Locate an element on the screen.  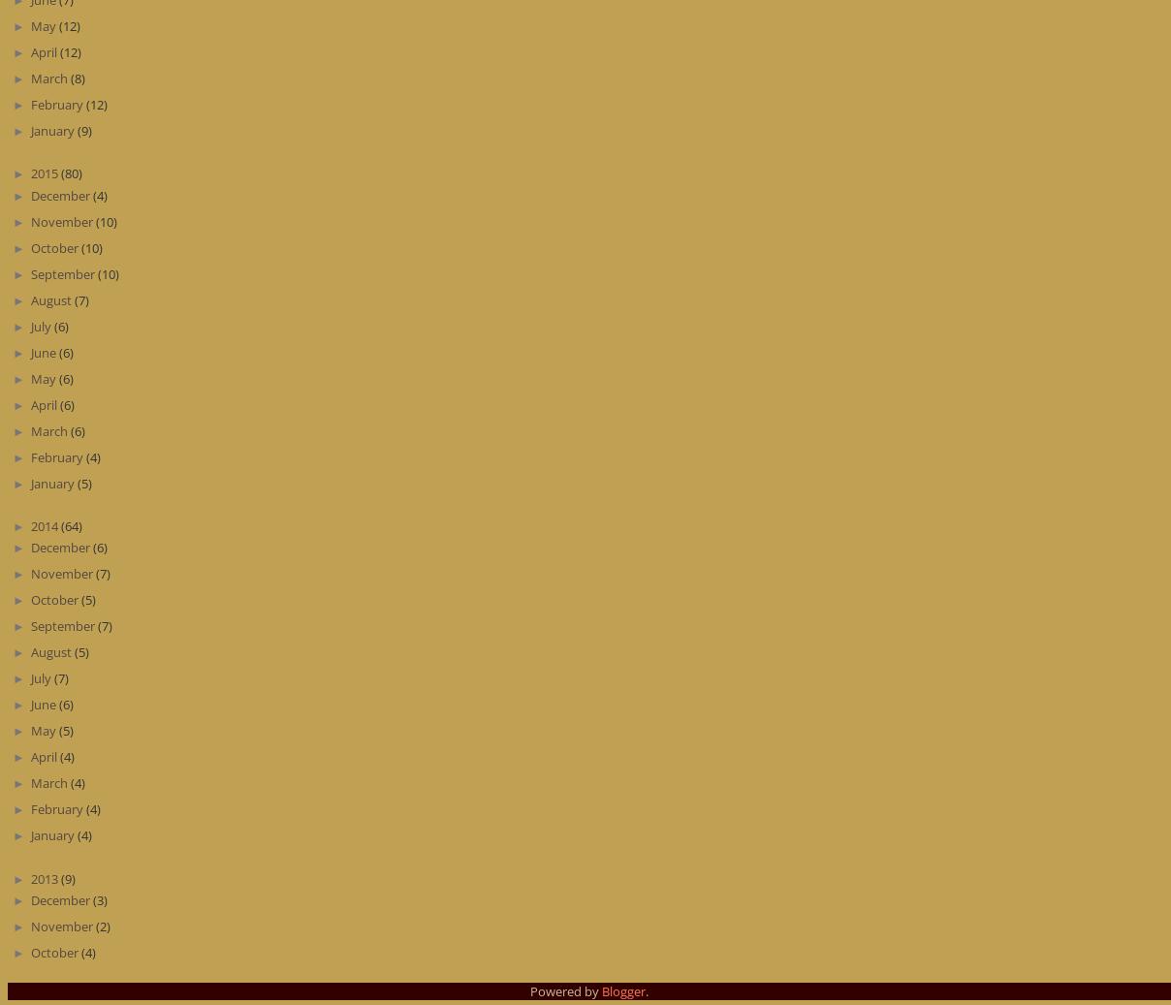
'(2)' is located at coordinates (93, 926).